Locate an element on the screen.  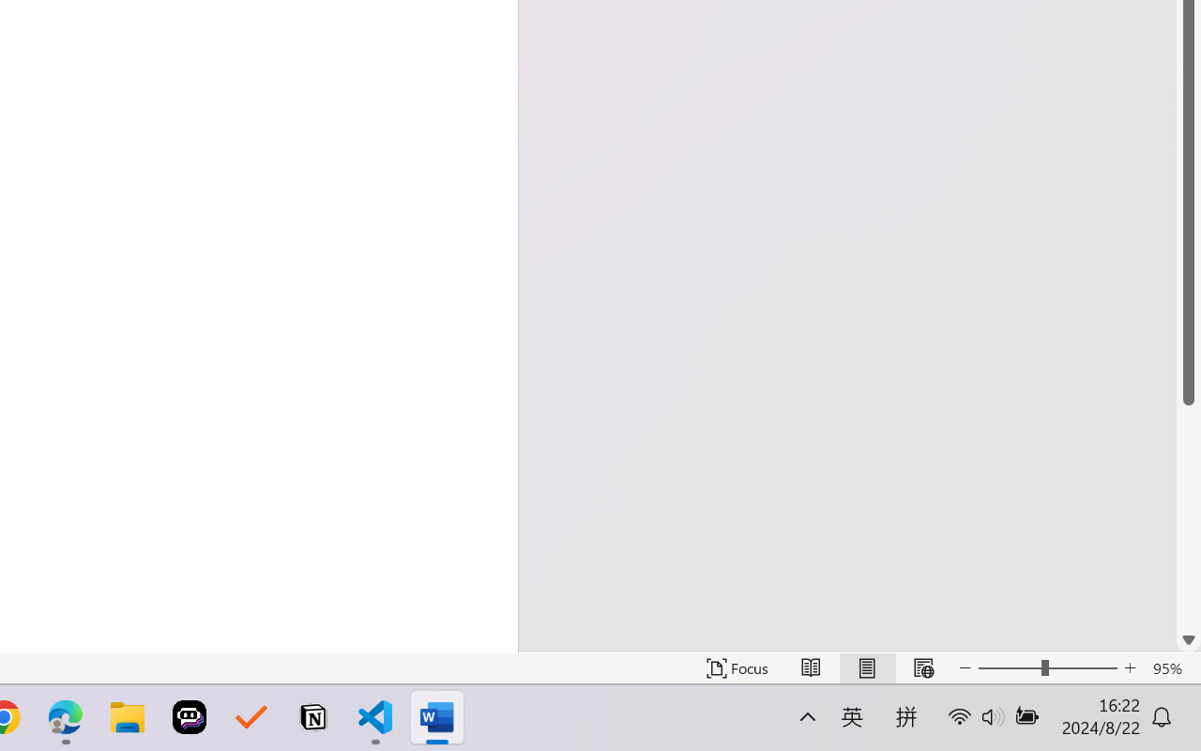
'Line down' is located at coordinates (1188, 640).